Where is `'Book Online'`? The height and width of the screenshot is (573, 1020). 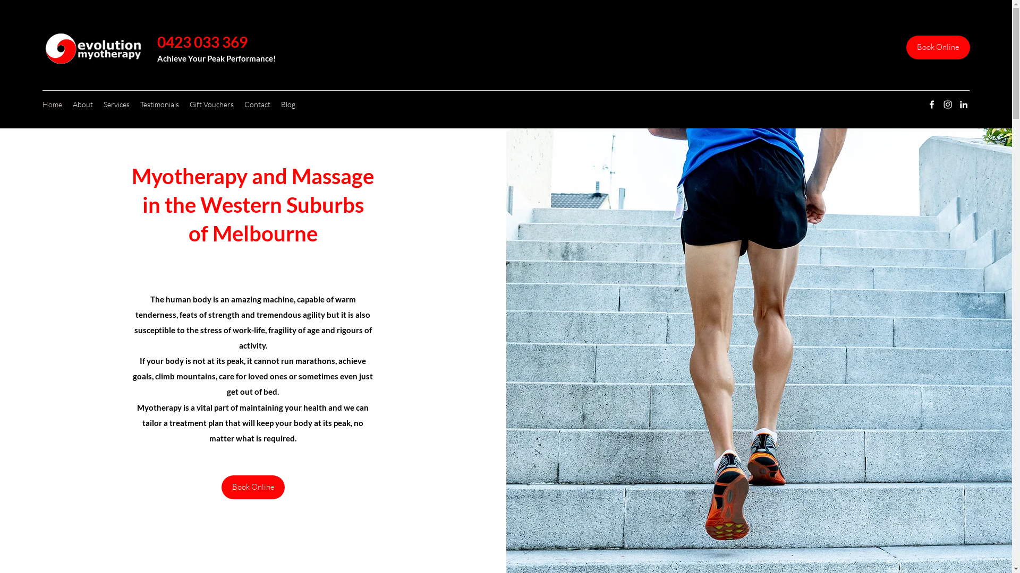
'Book Online' is located at coordinates (221, 487).